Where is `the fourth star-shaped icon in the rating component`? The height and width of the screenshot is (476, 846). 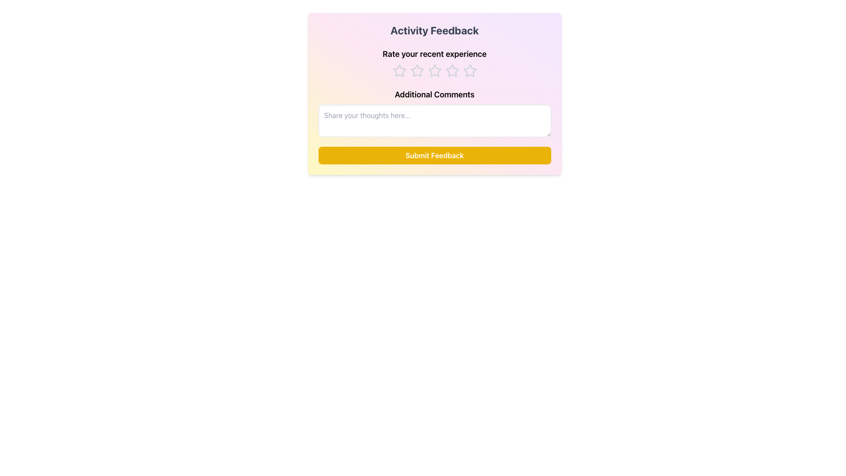 the fourth star-shaped icon in the rating component is located at coordinates (434, 71).